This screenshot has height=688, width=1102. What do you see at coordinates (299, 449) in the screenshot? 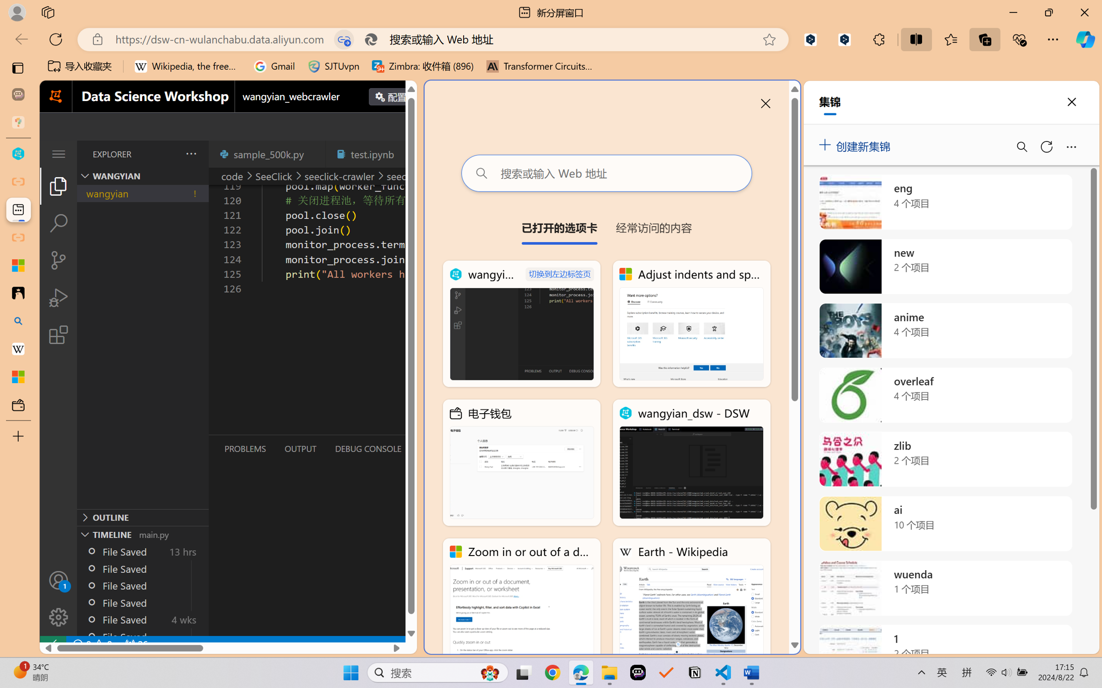
I see `'Output (Ctrl+Shift+U)'` at bounding box center [299, 449].